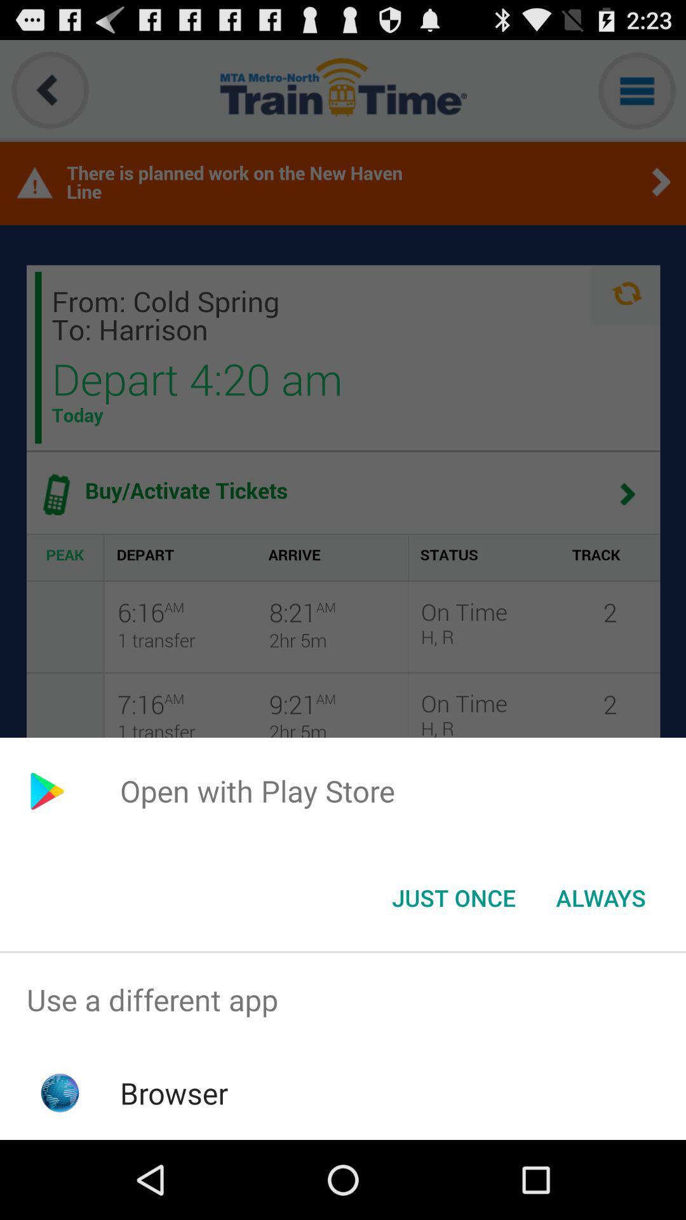  What do you see at coordinates (343, 999) in the screenshot?
I see `the use a different item` at bounding box center [343, 999].